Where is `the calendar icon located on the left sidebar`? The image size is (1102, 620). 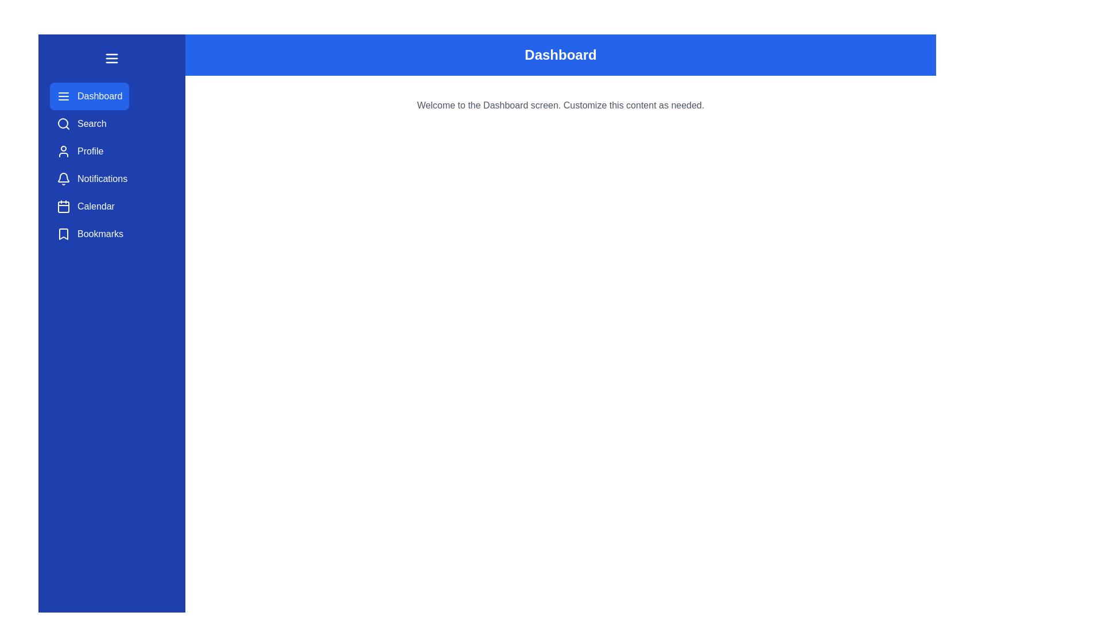
the calendar icon located on the left sidebar is located at coordinates (63, 206).